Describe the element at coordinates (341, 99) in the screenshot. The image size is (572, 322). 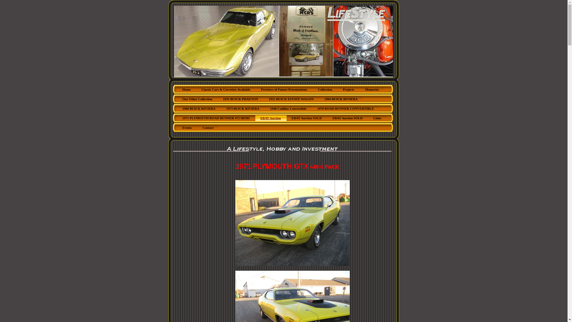
I see `'1964 BUICK RIVIERA'` at that location.